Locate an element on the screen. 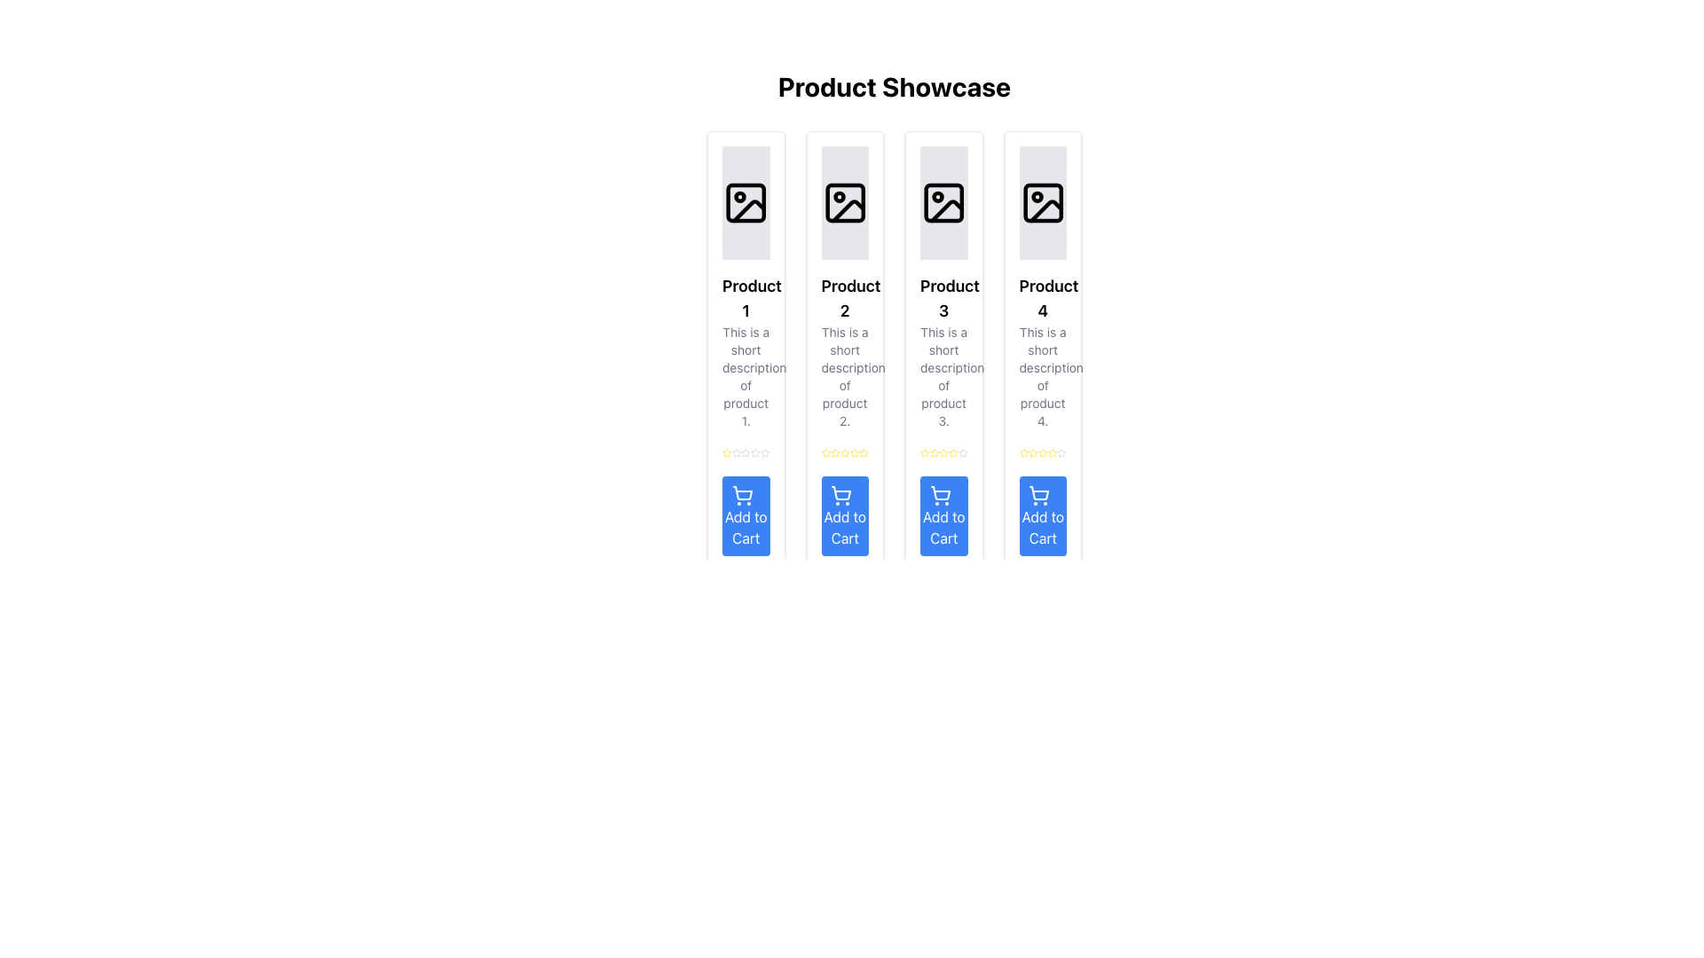  the second star icon in the rating system under 'Product 4' in the fourth column of the product showcase grid is located at coordinates (1033, 452).